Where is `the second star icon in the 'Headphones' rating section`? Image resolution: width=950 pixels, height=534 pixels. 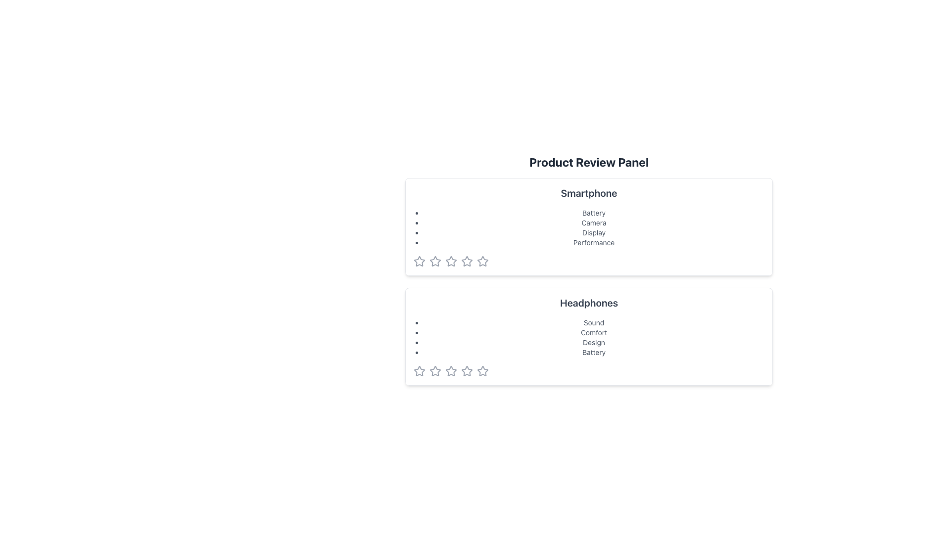 the second star icon in the 'Headphones' rating section is located at coordinates (435, 371).